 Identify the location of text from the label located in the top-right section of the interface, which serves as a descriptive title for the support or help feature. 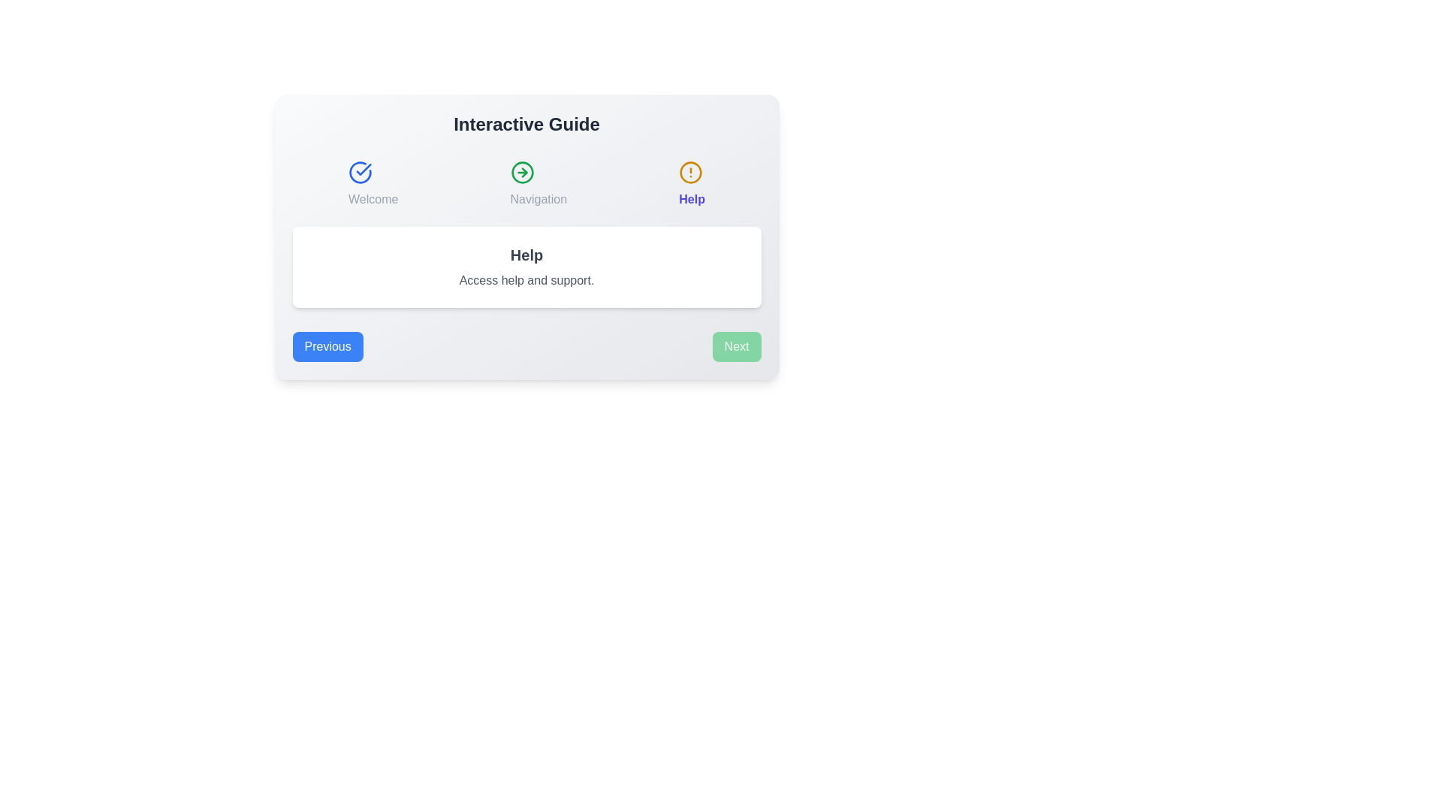
(691, 184).